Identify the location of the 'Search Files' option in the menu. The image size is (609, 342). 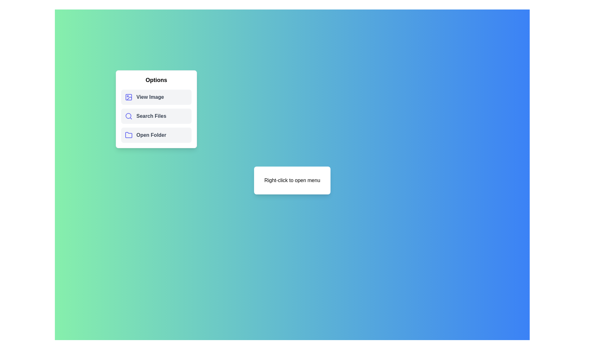
(156, 116).